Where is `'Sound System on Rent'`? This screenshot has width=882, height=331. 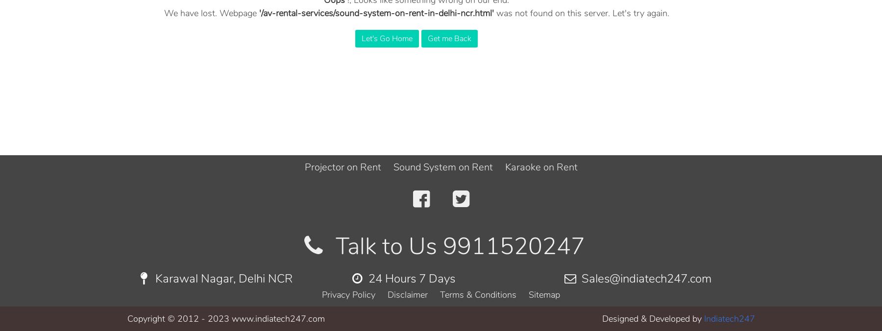 'Sound System on Rent' is located at coordinates (393, 166).